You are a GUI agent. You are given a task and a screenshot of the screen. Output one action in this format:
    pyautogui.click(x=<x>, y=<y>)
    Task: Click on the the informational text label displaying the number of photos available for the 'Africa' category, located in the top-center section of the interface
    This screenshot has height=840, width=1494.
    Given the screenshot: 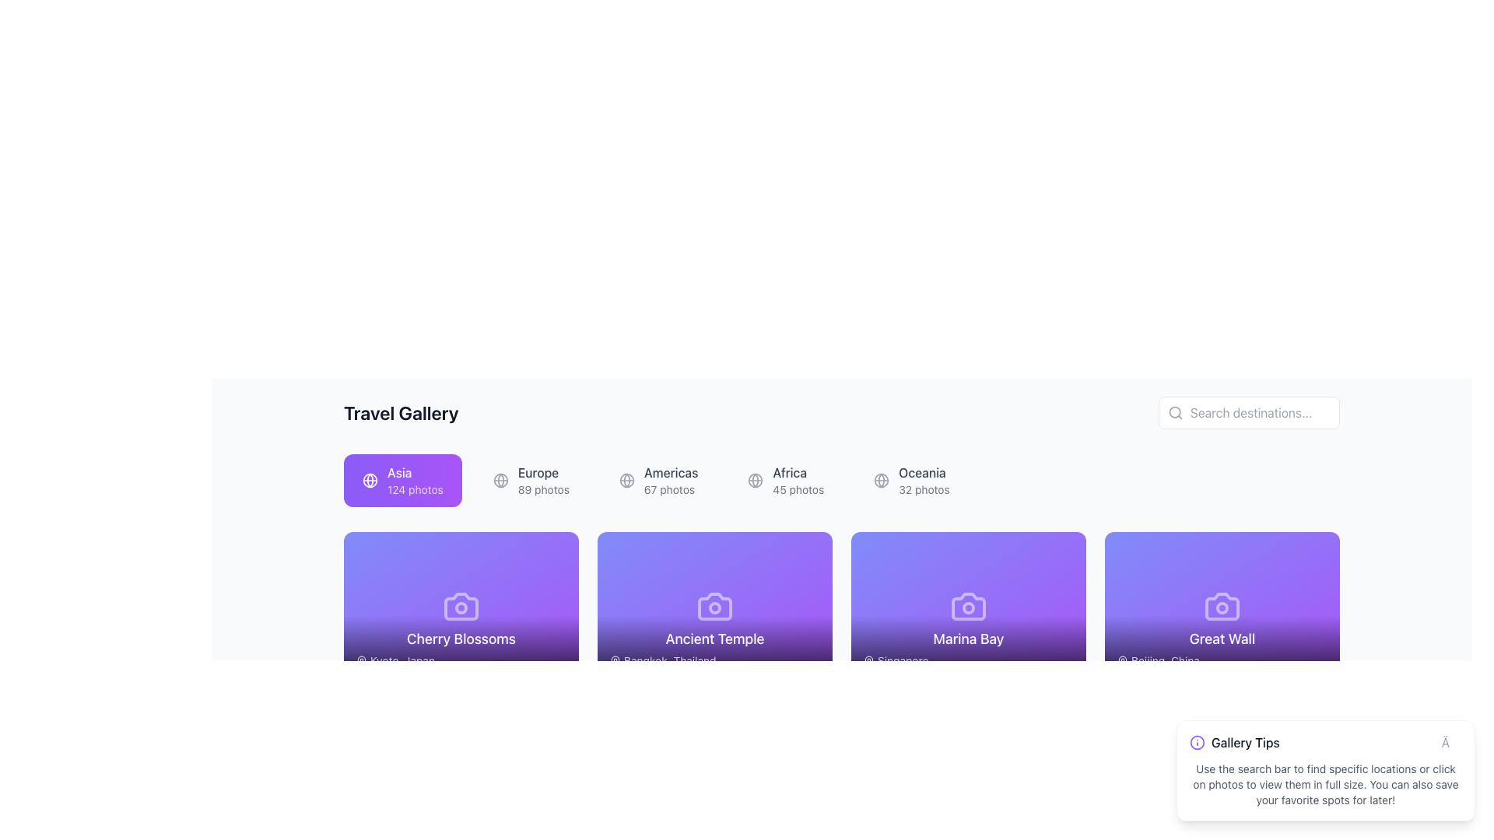 What is the action you would take?
    pyautogui.click(x=798, y=488)
    